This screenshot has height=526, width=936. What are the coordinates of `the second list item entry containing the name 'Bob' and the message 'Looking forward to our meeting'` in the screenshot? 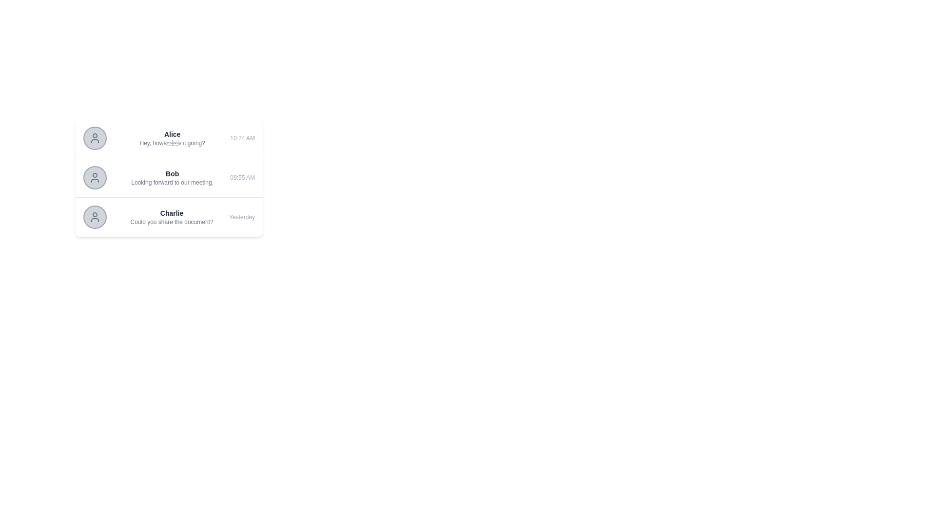 It's located at (169, 178).